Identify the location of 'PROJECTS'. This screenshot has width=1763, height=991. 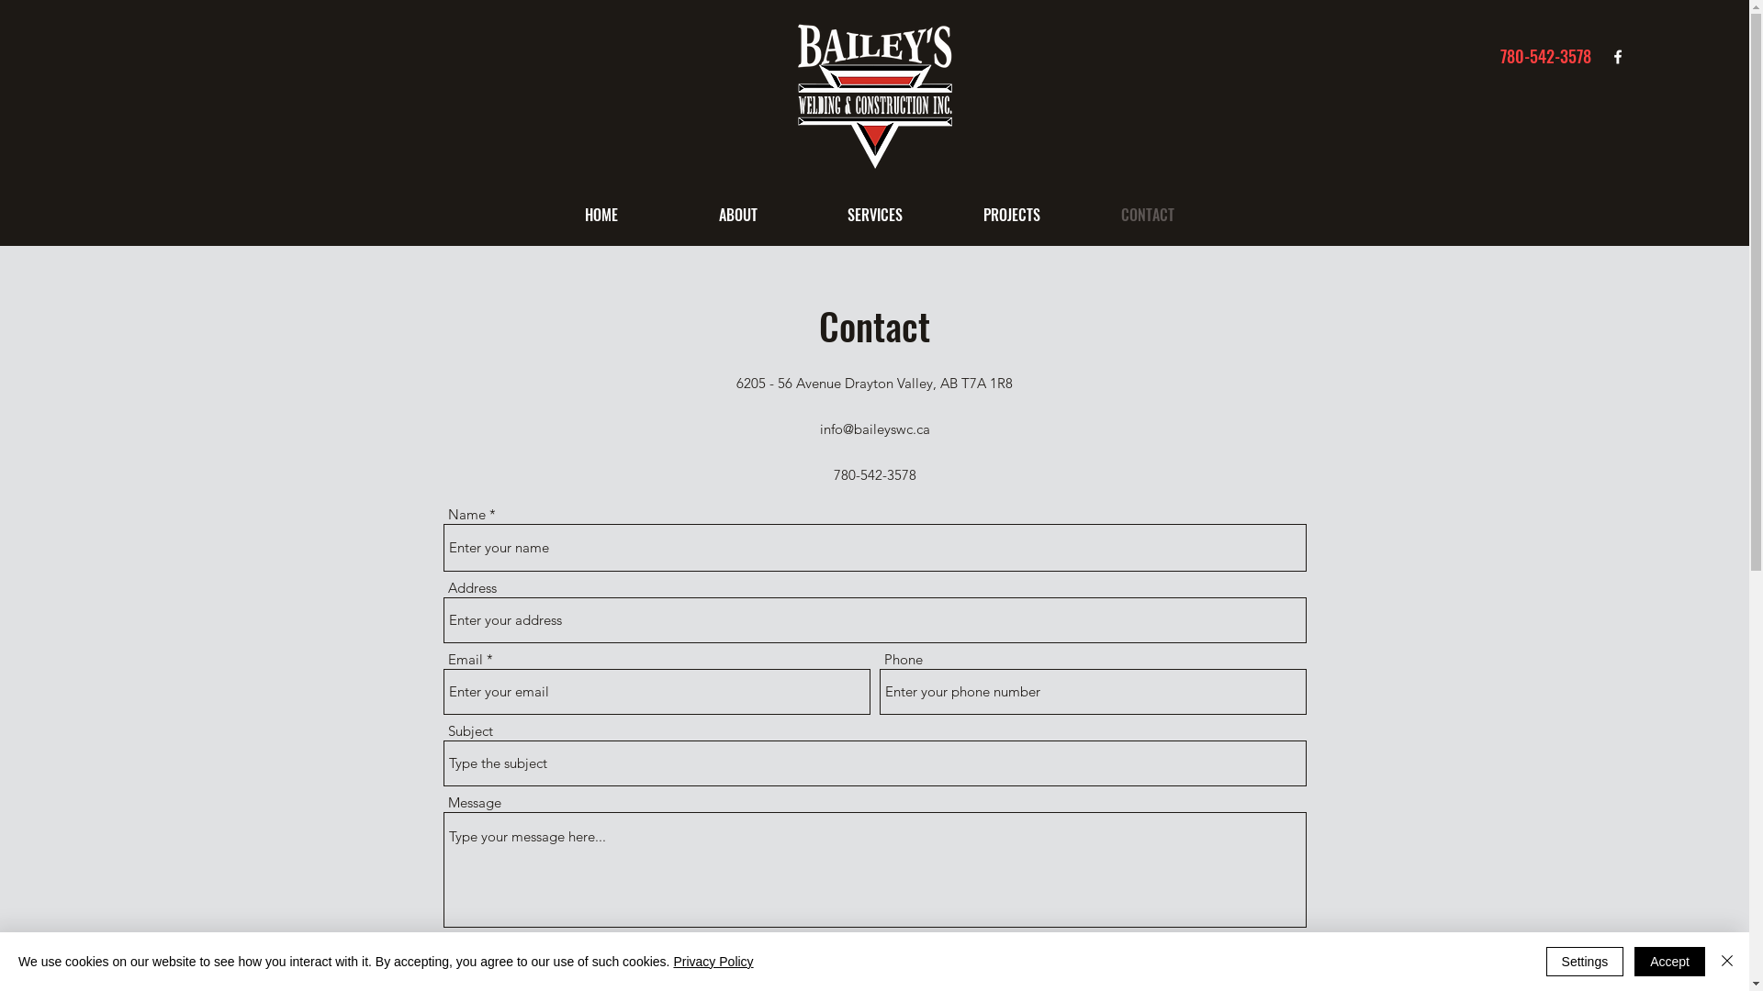
(943, 214).